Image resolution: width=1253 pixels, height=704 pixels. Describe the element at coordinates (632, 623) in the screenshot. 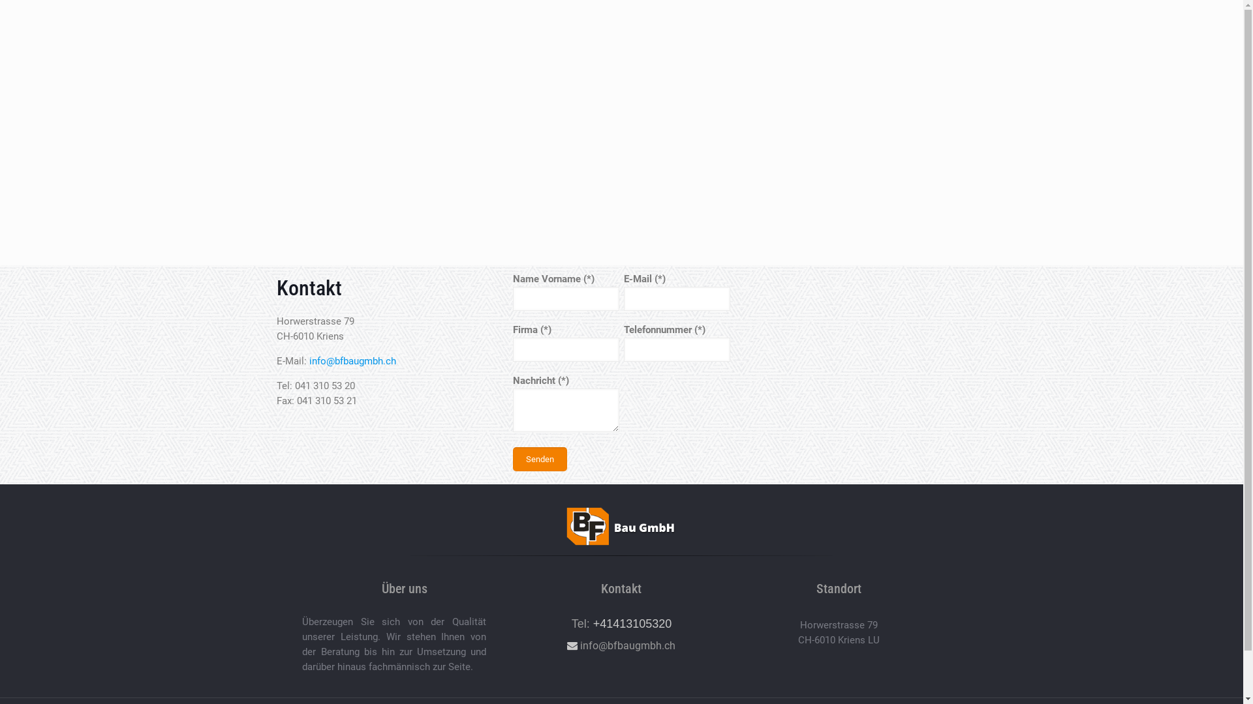

I see `'+41413105320'` at that location.